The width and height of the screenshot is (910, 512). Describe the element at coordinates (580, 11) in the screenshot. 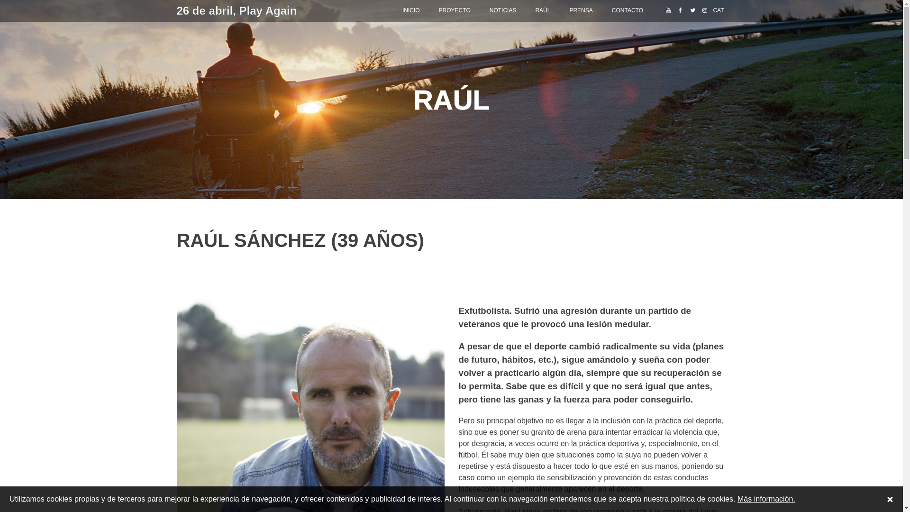

I see `'PRENSA'` at that location.